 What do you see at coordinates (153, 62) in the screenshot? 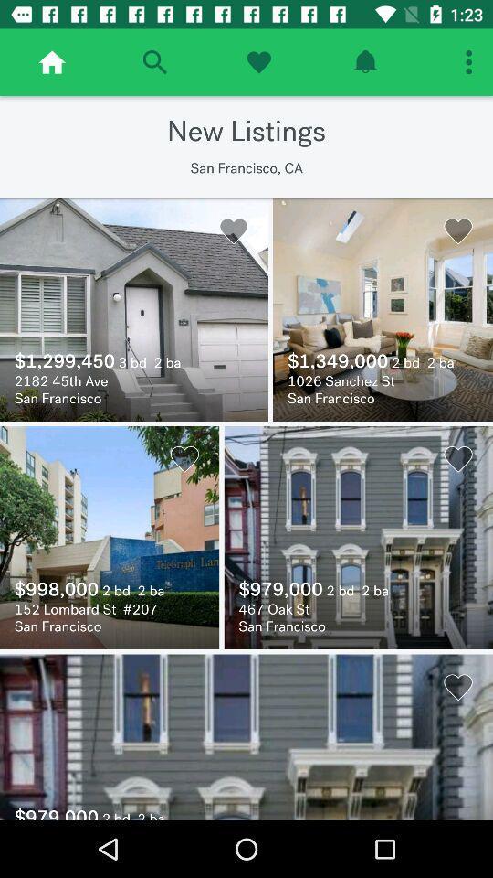
I see `search` at bounding box center [153, 62].